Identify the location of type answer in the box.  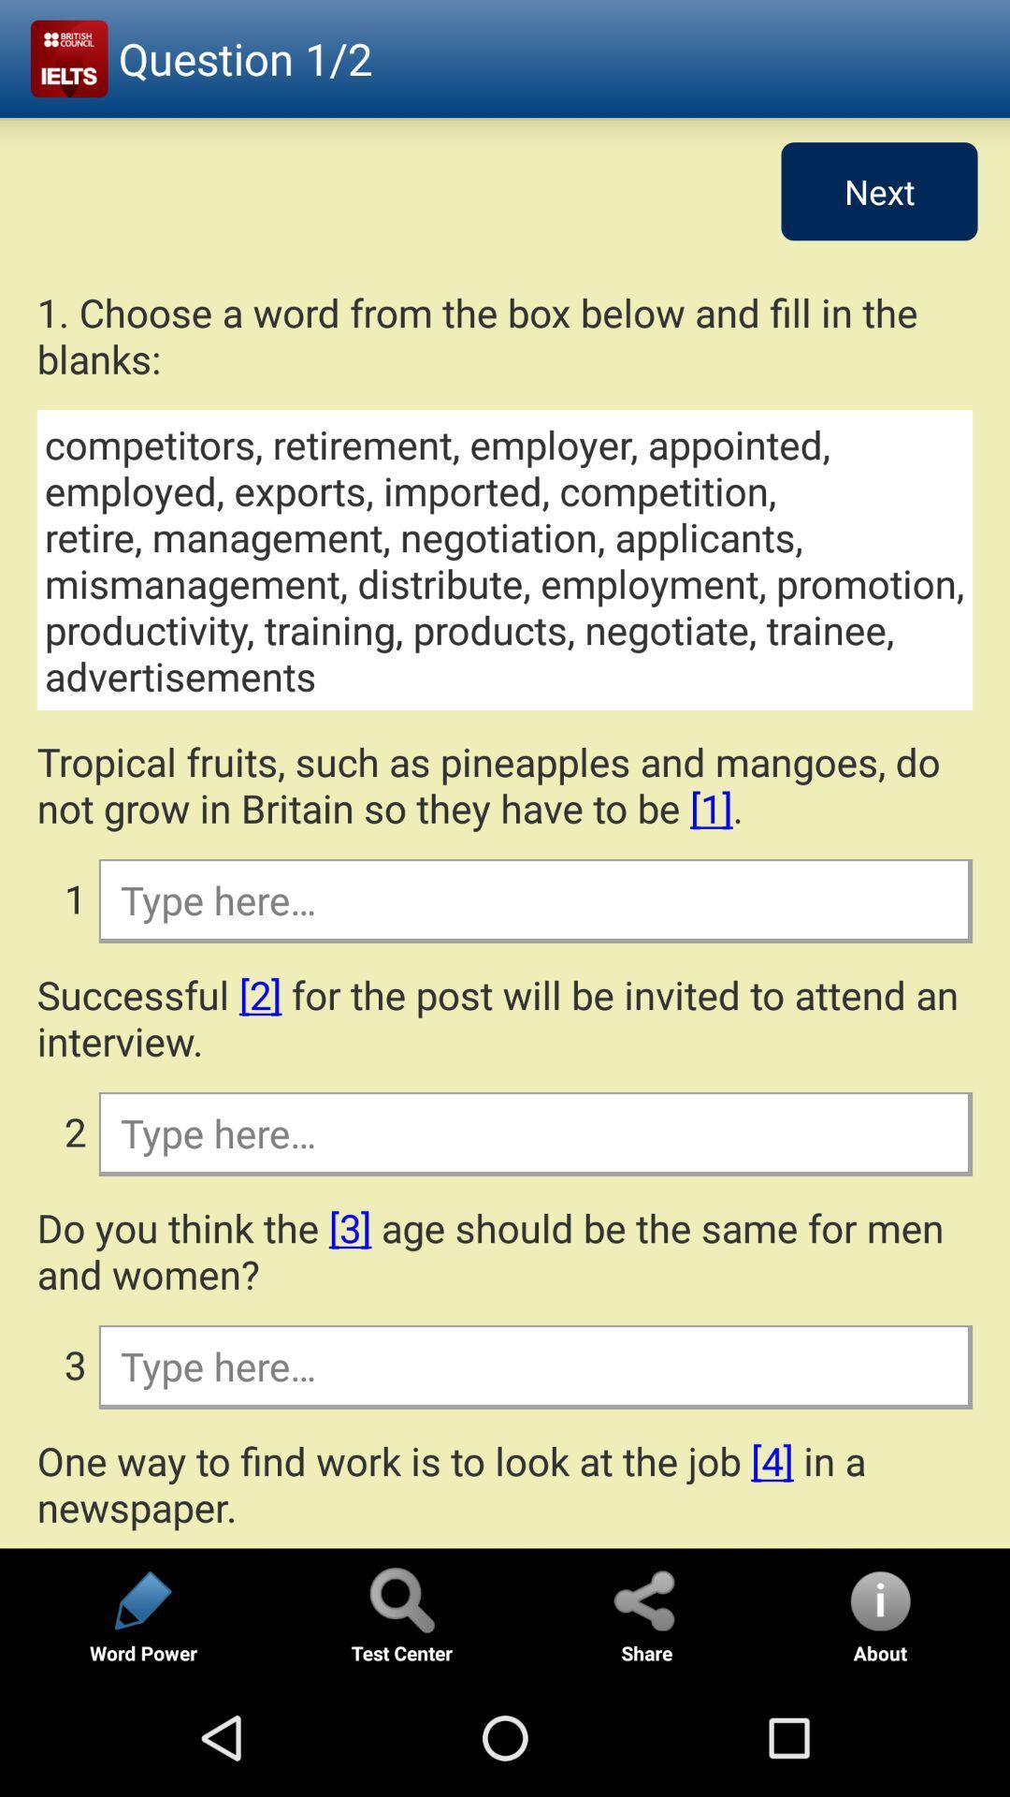
(534, 1366).